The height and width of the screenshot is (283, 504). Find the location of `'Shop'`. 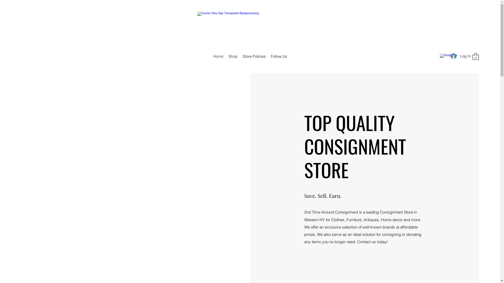

'Shop' is located at coordinates (233, 56).